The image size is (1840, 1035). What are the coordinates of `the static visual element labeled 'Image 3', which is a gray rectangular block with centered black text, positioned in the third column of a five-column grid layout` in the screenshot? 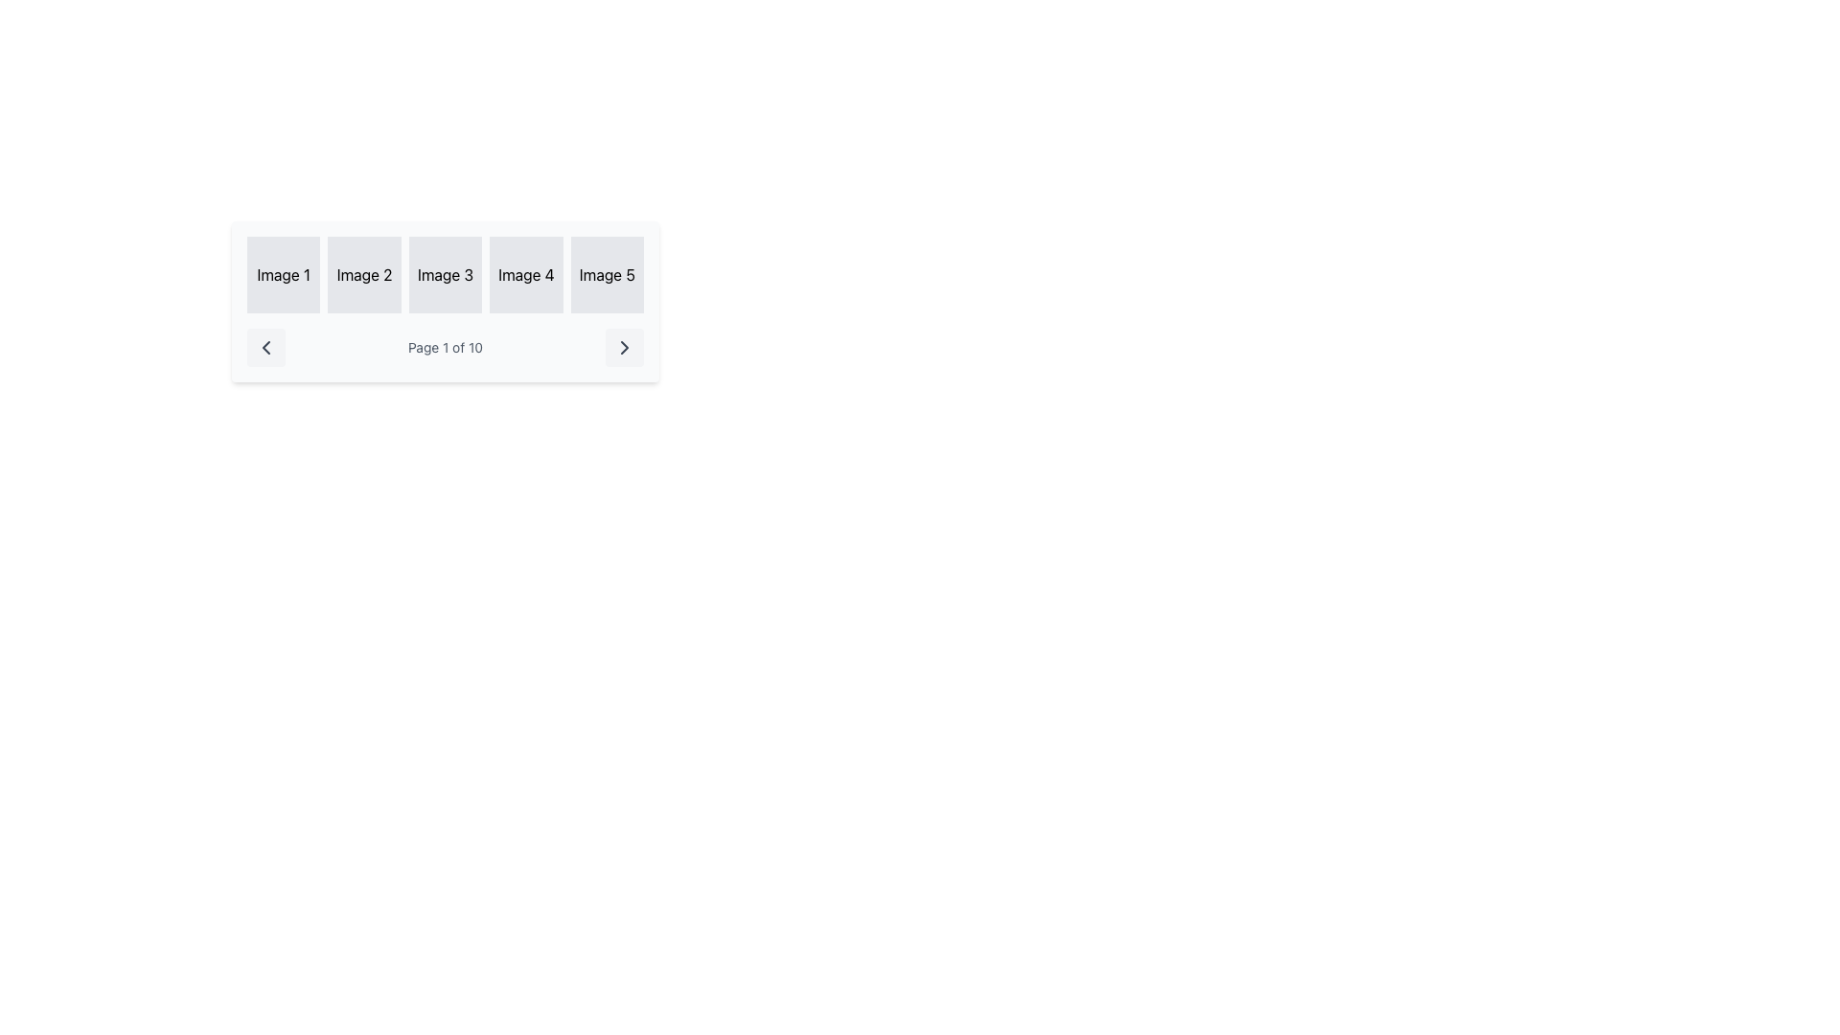 It's located at (445, 274).